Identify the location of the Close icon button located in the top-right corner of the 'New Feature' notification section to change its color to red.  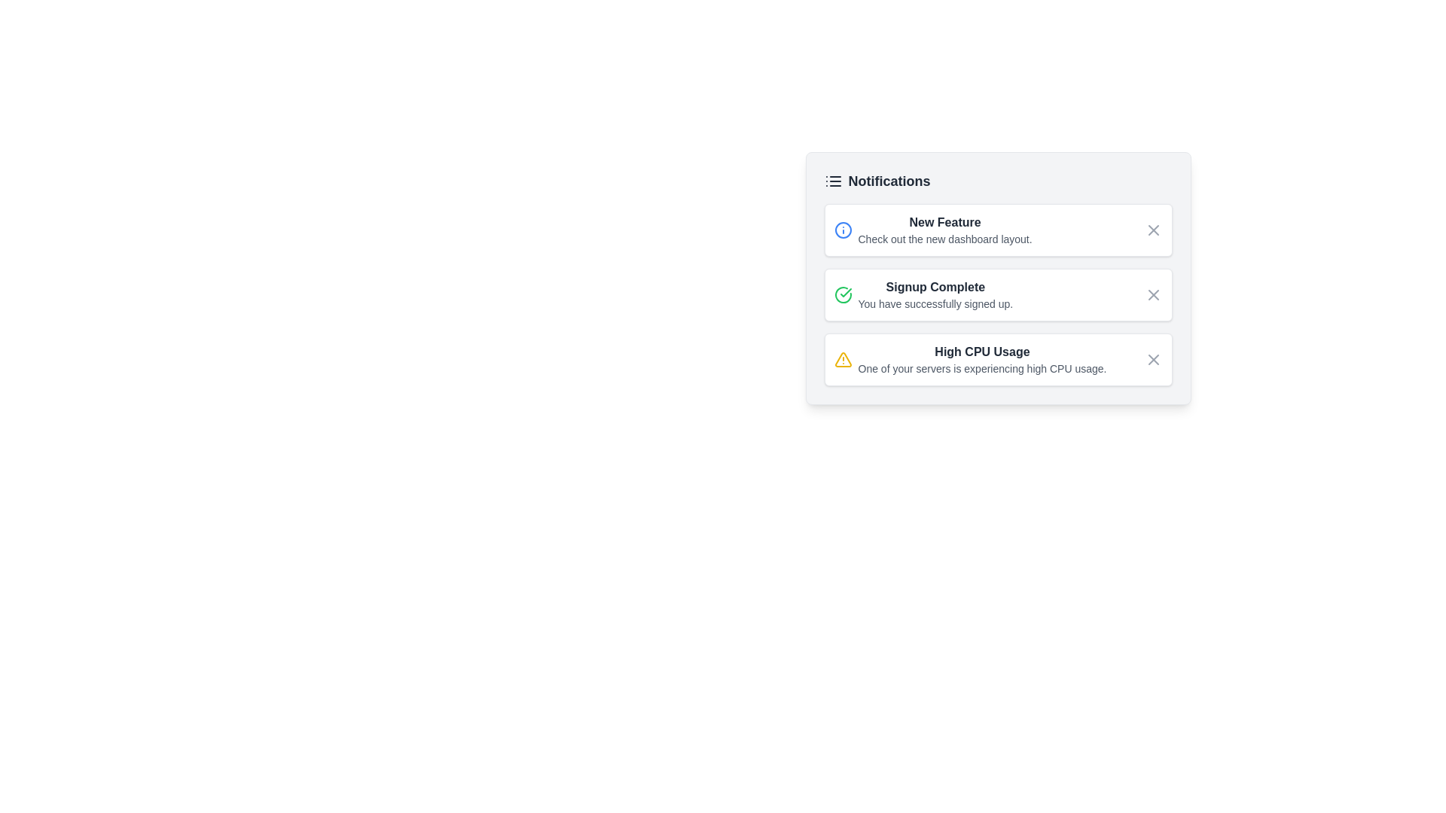
(1152, 230).